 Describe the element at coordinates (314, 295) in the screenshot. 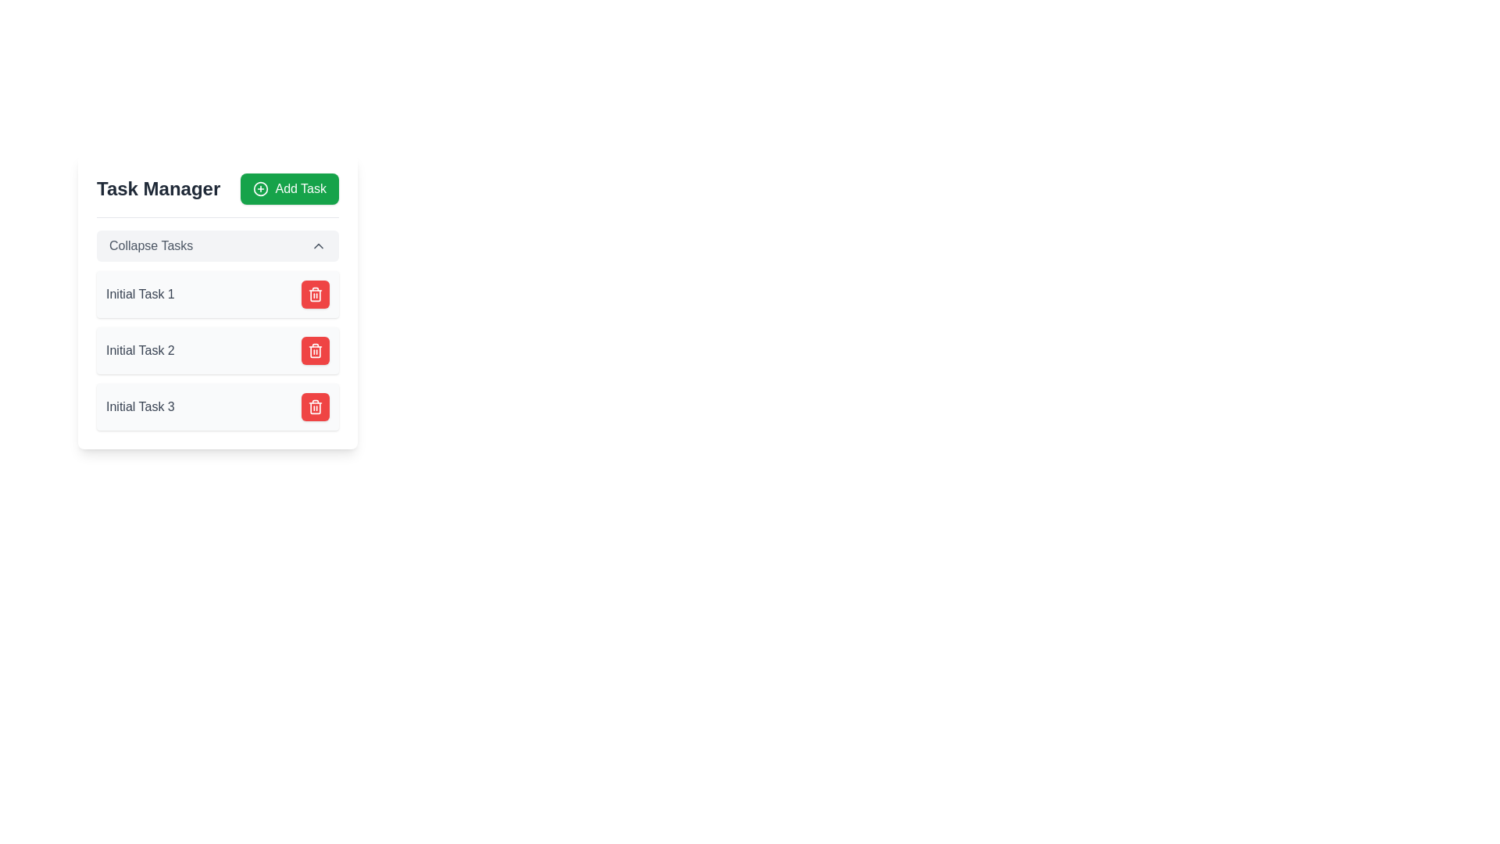

I see `the delete button for the task named 'Initial Task 1'` at that location.